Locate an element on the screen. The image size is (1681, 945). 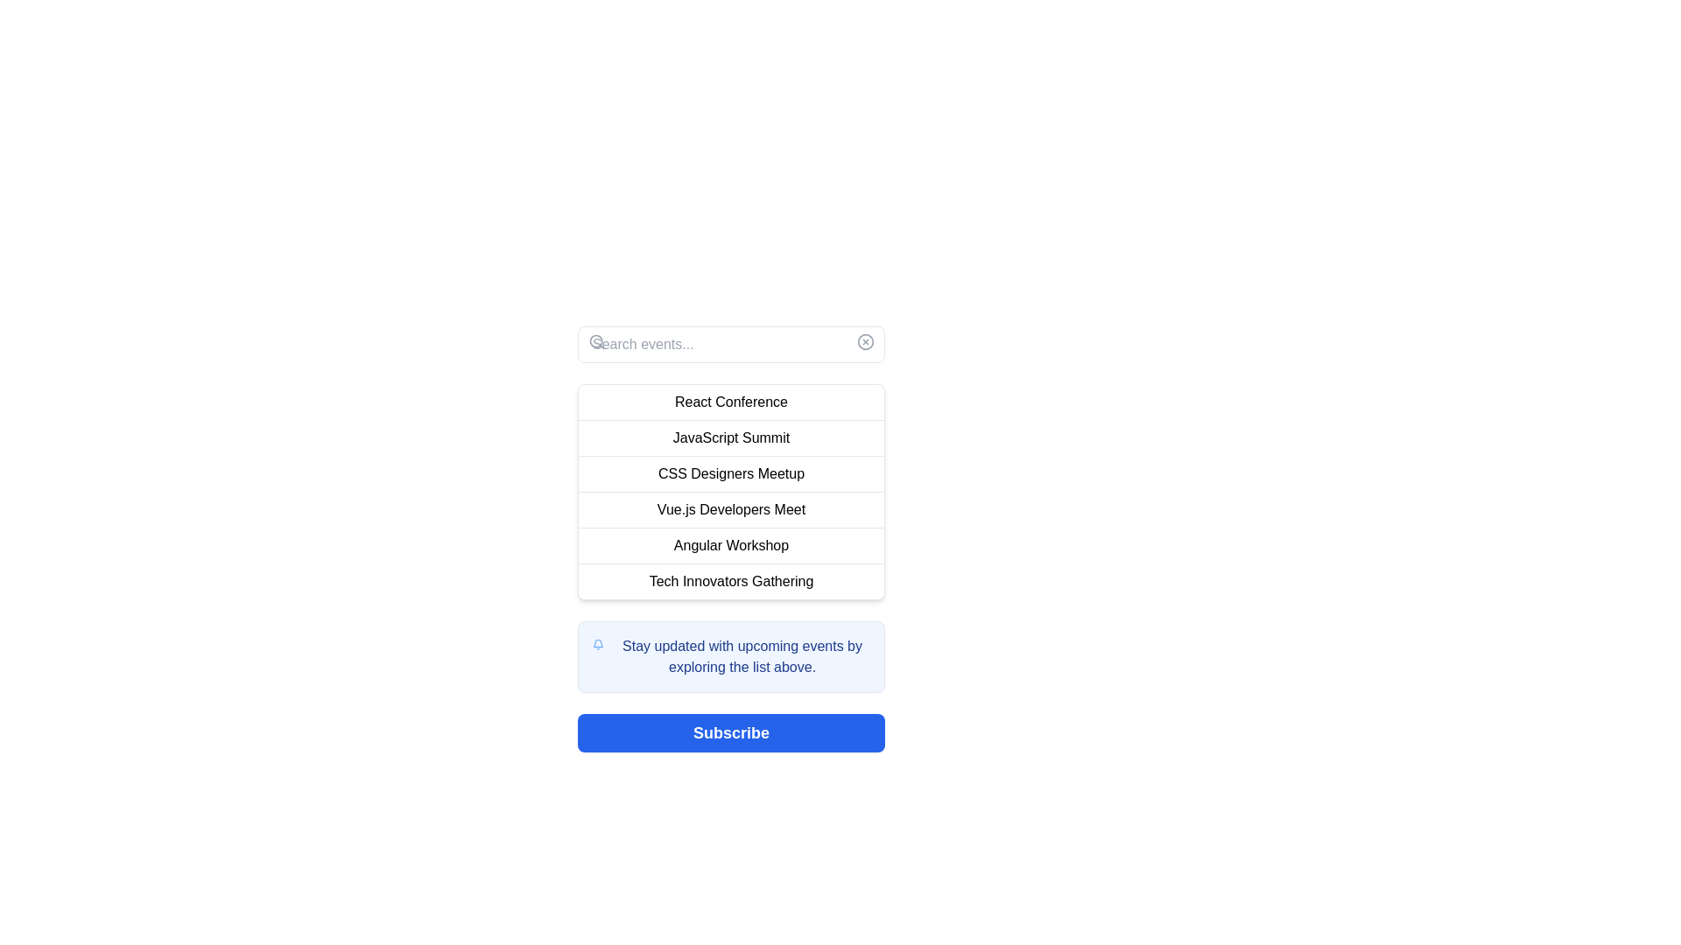
the magnifying glass icon that symbolizes search functionality, located to the left inside the search input field at the top of the interface is located at coordinates (596, 341).